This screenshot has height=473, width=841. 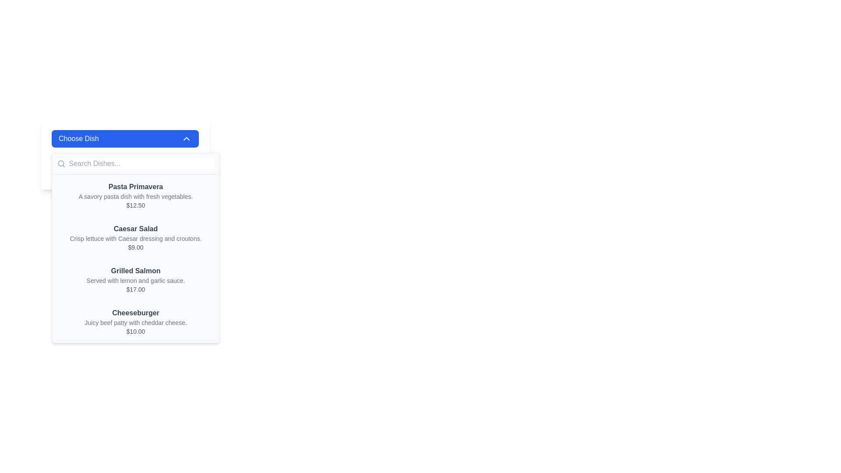 What do you see at coordinates (135, 247) in the screenshot?
I see `the Text label displaying the price of the dish 'Caesar Salad'` at bounding box center [135, 247].